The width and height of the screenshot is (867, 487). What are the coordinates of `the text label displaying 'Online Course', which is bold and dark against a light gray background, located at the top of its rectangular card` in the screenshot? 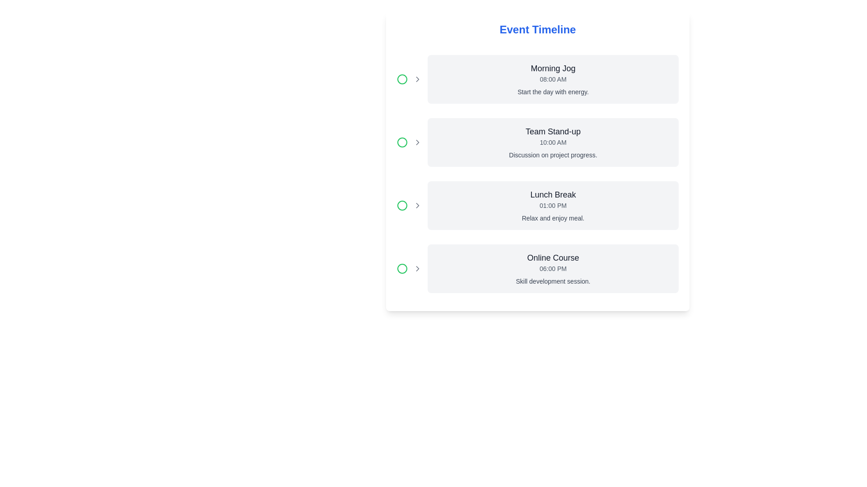 It's located at (552, 257).